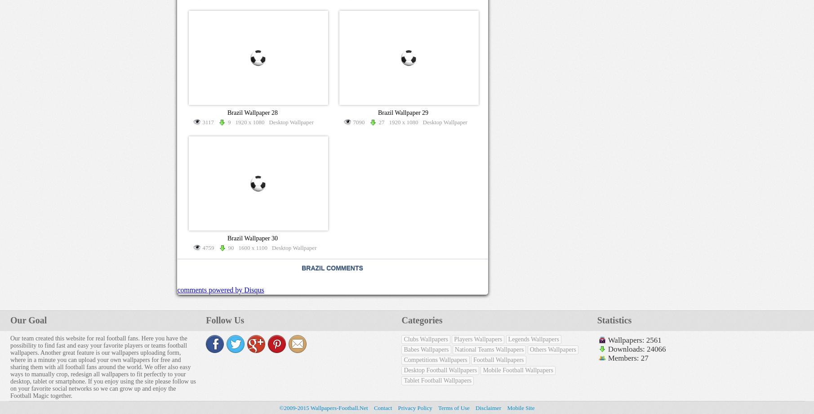  Describe the element at coordinates (421, 320) in the screenshot. I see `'Categories'` at that location.